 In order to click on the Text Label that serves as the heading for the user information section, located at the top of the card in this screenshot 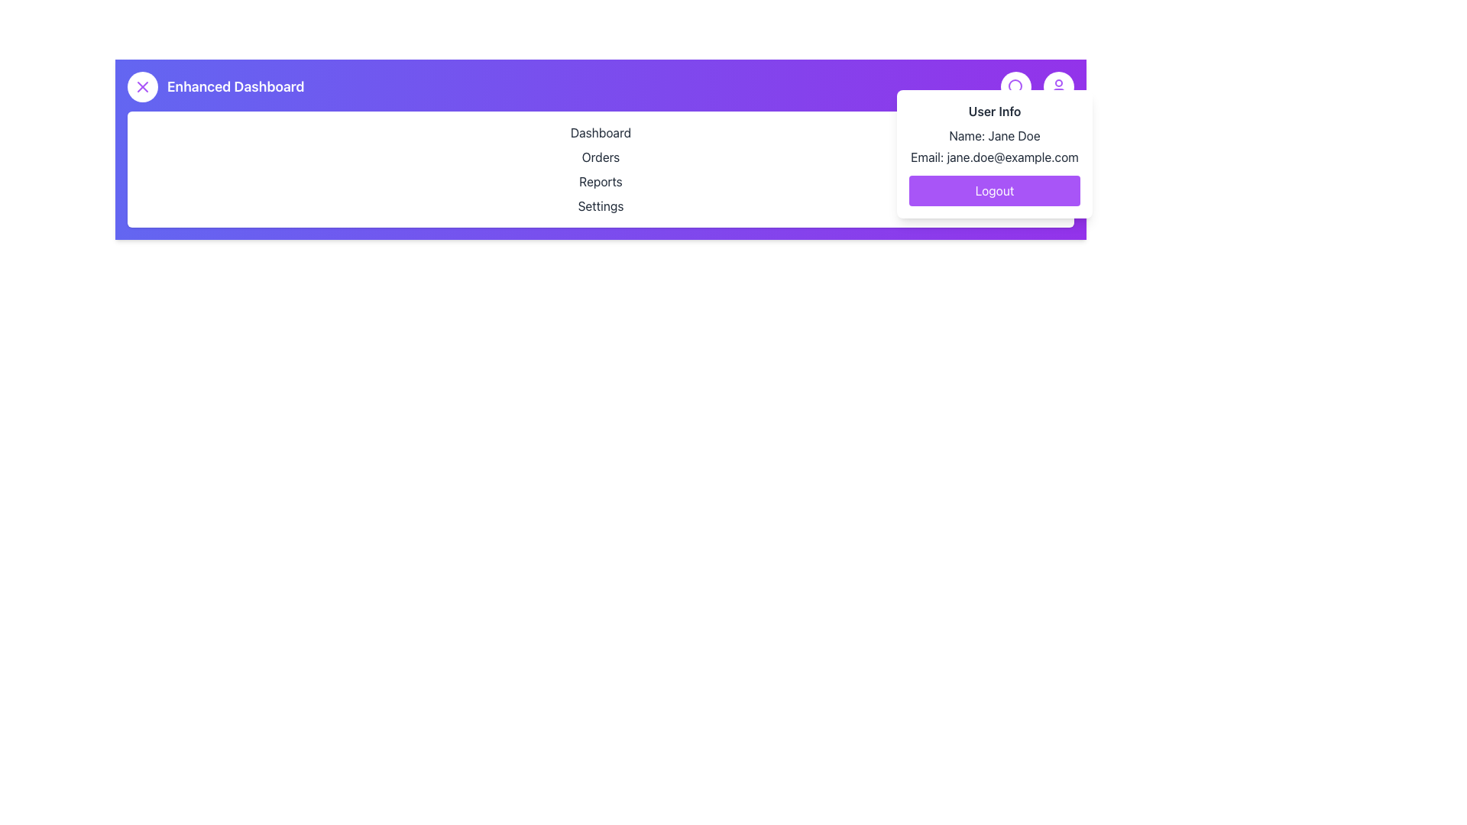, I will do `click(994, 111)`.